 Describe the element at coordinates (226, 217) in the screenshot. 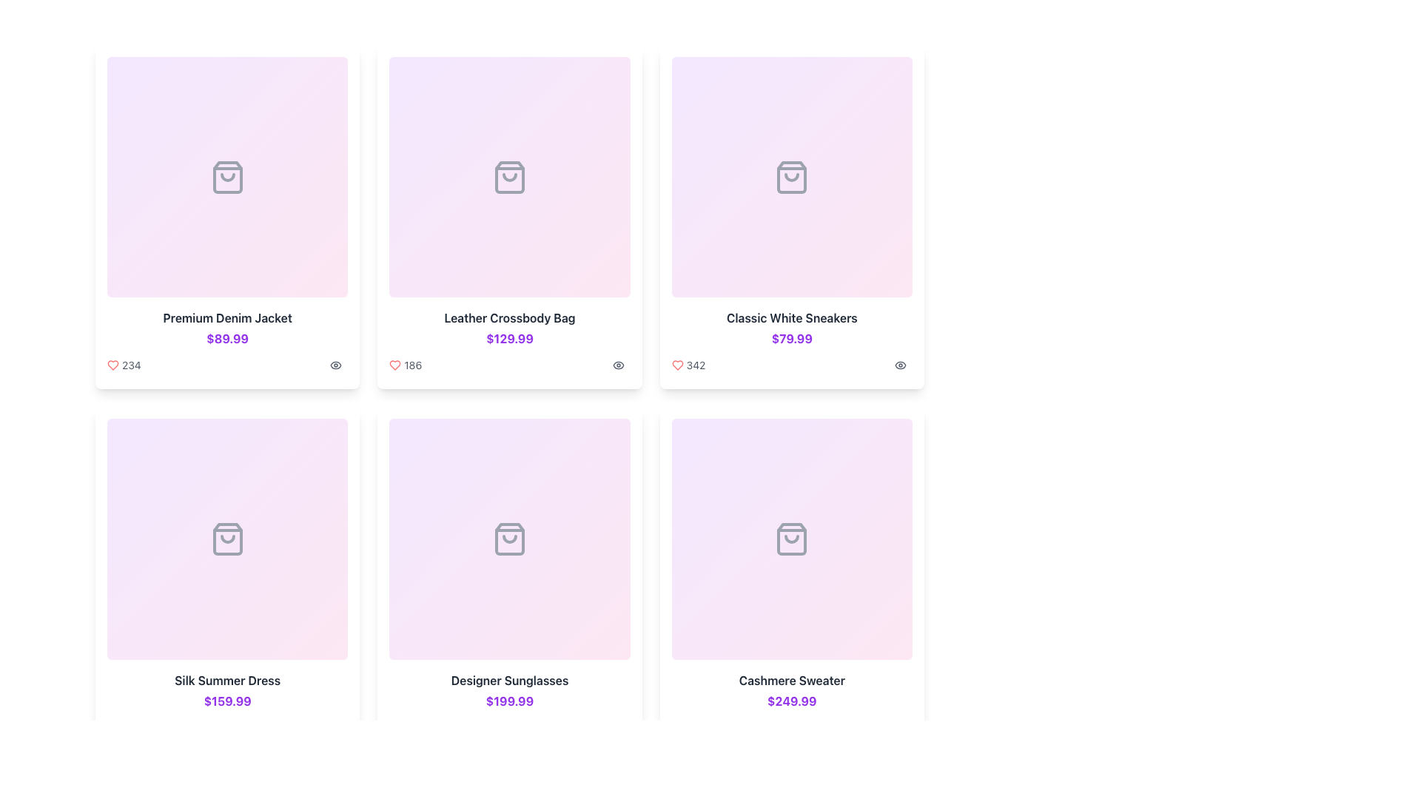

I see `the first product card in the grid` at that location.